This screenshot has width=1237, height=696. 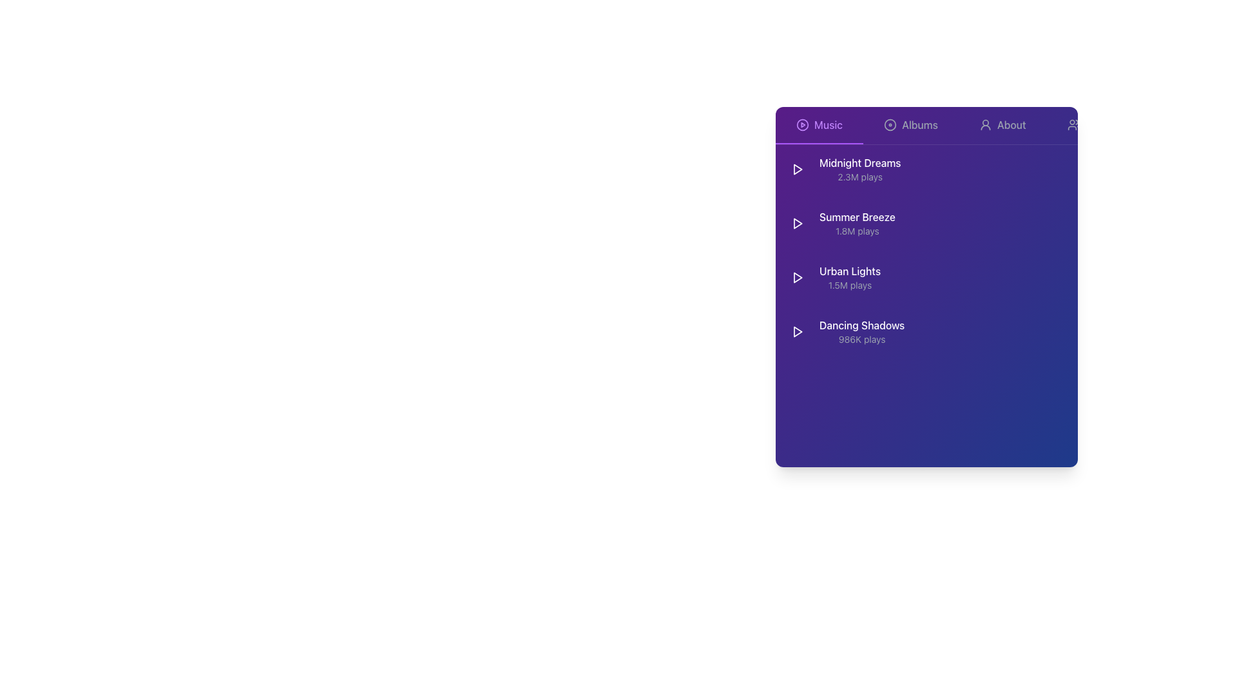 What do you see at coordinates (850, 277) in the screenshot?
I see `the third item in the playlist list, which represents an individual track displaying its name and play count` at bounding box center [850, 277].